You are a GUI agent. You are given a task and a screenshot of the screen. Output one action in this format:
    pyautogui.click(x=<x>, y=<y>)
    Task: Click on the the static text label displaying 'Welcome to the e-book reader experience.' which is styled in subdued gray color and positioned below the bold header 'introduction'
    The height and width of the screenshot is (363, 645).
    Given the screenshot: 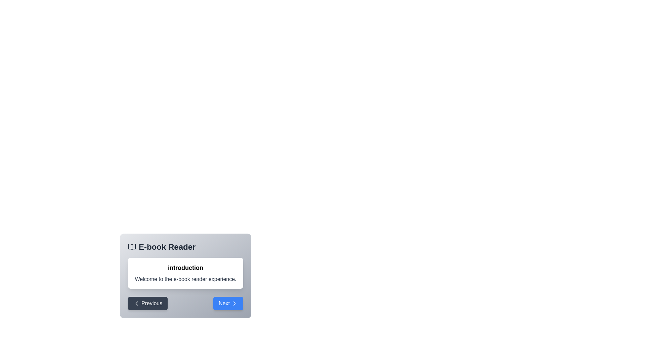 What is the action you would take?
    pyautogui.click(x=185, y=279)
    